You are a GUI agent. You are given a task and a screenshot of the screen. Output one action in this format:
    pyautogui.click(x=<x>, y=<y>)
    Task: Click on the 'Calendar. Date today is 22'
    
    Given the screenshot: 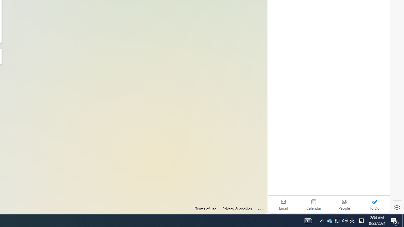 What is the action you would take?
    pyautogui.click(x=314, y=204)
    